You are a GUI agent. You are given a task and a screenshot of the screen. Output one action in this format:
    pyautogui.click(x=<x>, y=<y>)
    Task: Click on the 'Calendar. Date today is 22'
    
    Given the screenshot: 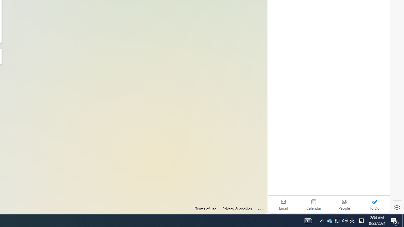 What is the action you would take?
    pyautogui.click(x=314, y=204)
    